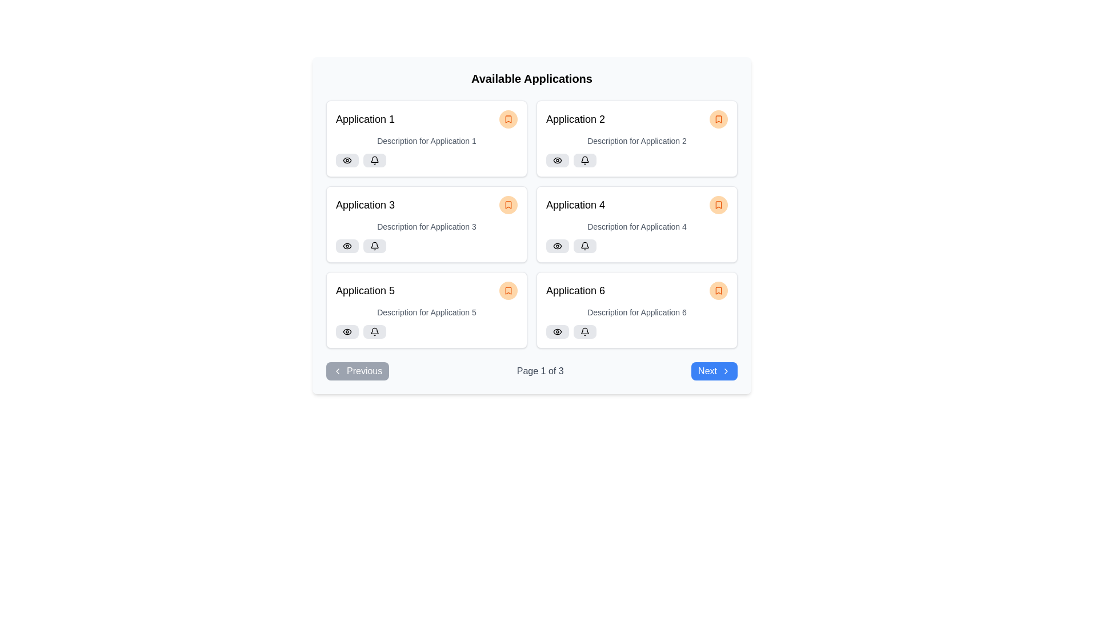 This screenshot has height=617, width=1097. Describe the element at coordinates (718, 290) in the screenshot. I see `the bookmark icon located in the bottom-right quadrant of the card titled 'Application 6'` at that location.